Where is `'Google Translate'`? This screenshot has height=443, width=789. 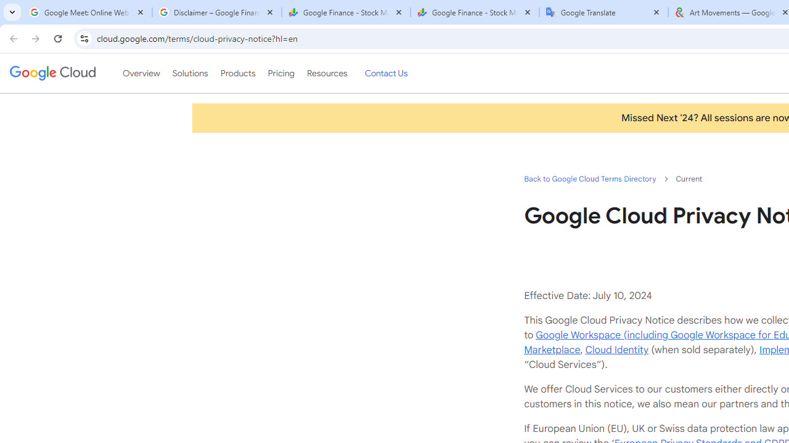
'Google Translate' is located at coordinates (603, 12).